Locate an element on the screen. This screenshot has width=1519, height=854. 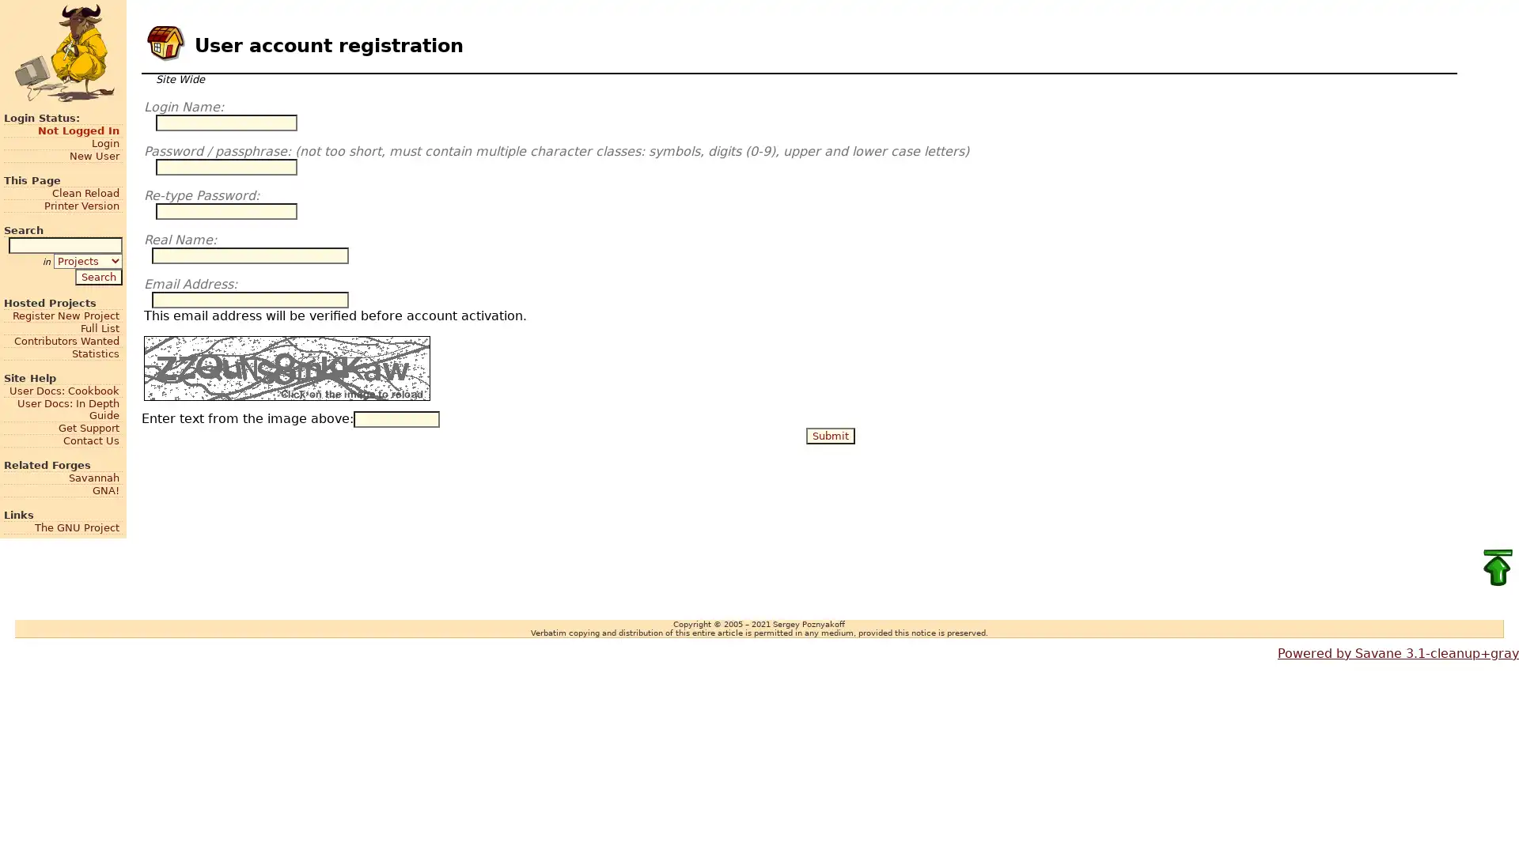
Search is located at coordinates (97, 275).